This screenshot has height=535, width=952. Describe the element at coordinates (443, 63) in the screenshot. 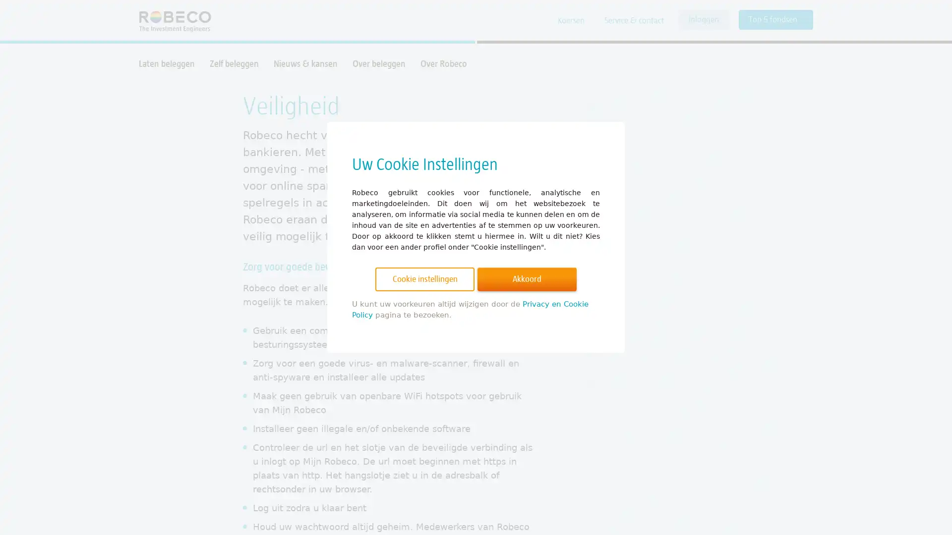

I see `Over Robeco` at that location.